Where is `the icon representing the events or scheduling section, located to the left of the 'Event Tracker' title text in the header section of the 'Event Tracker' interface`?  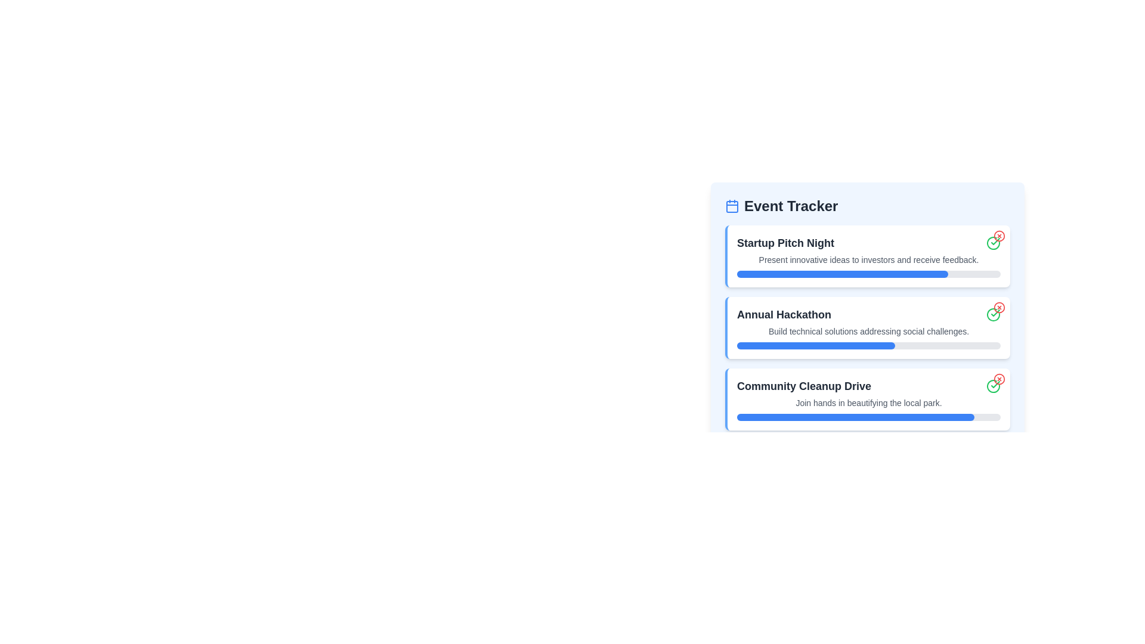
the icon representing the events or scheduling section, located to the left of the 'Event Tracker' title text in the header section of the 'Event Tracker' interface is located at coordinates (732, 206).